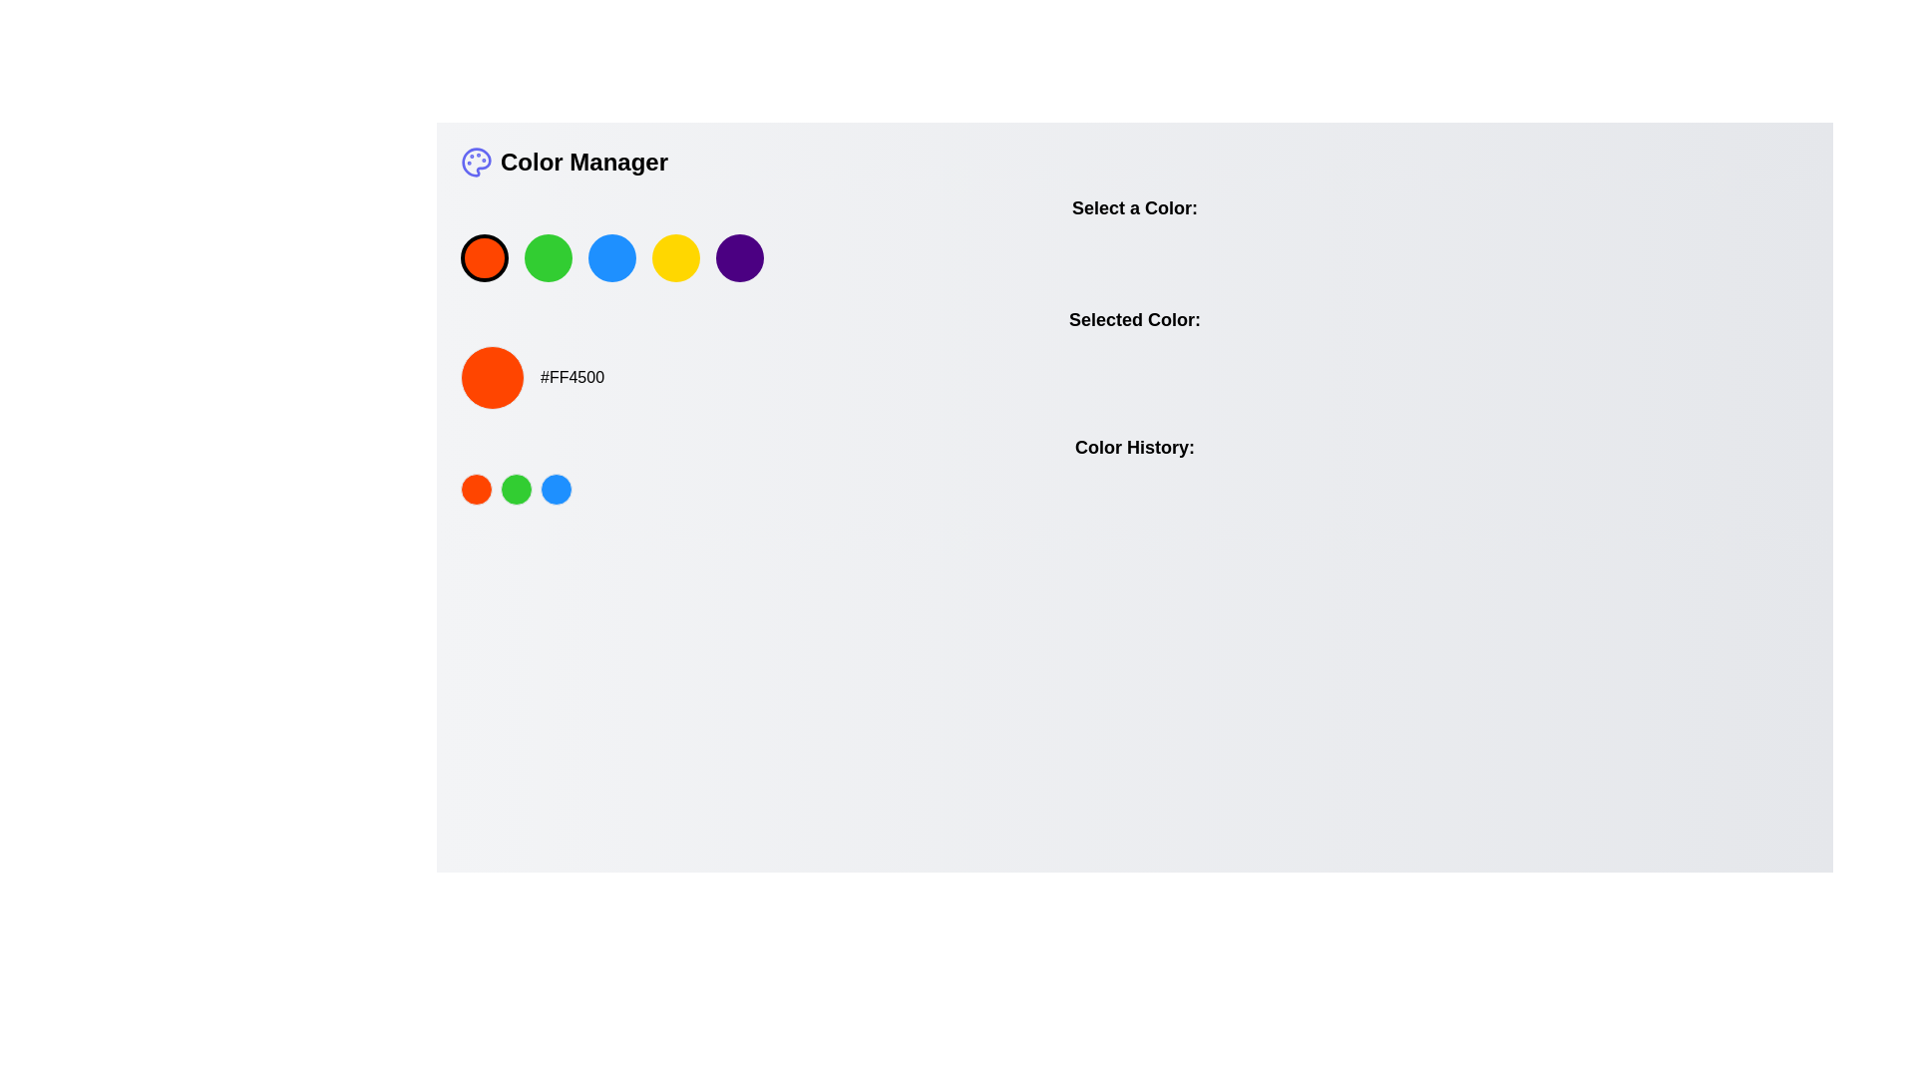  What do you see at coordinates (1134, 318) in the screenshot?
I see `the Text Label that indicates the selected color, which is located in the section titled 'Selected Color:#FF4500'` at bounding box center [1134, 318].